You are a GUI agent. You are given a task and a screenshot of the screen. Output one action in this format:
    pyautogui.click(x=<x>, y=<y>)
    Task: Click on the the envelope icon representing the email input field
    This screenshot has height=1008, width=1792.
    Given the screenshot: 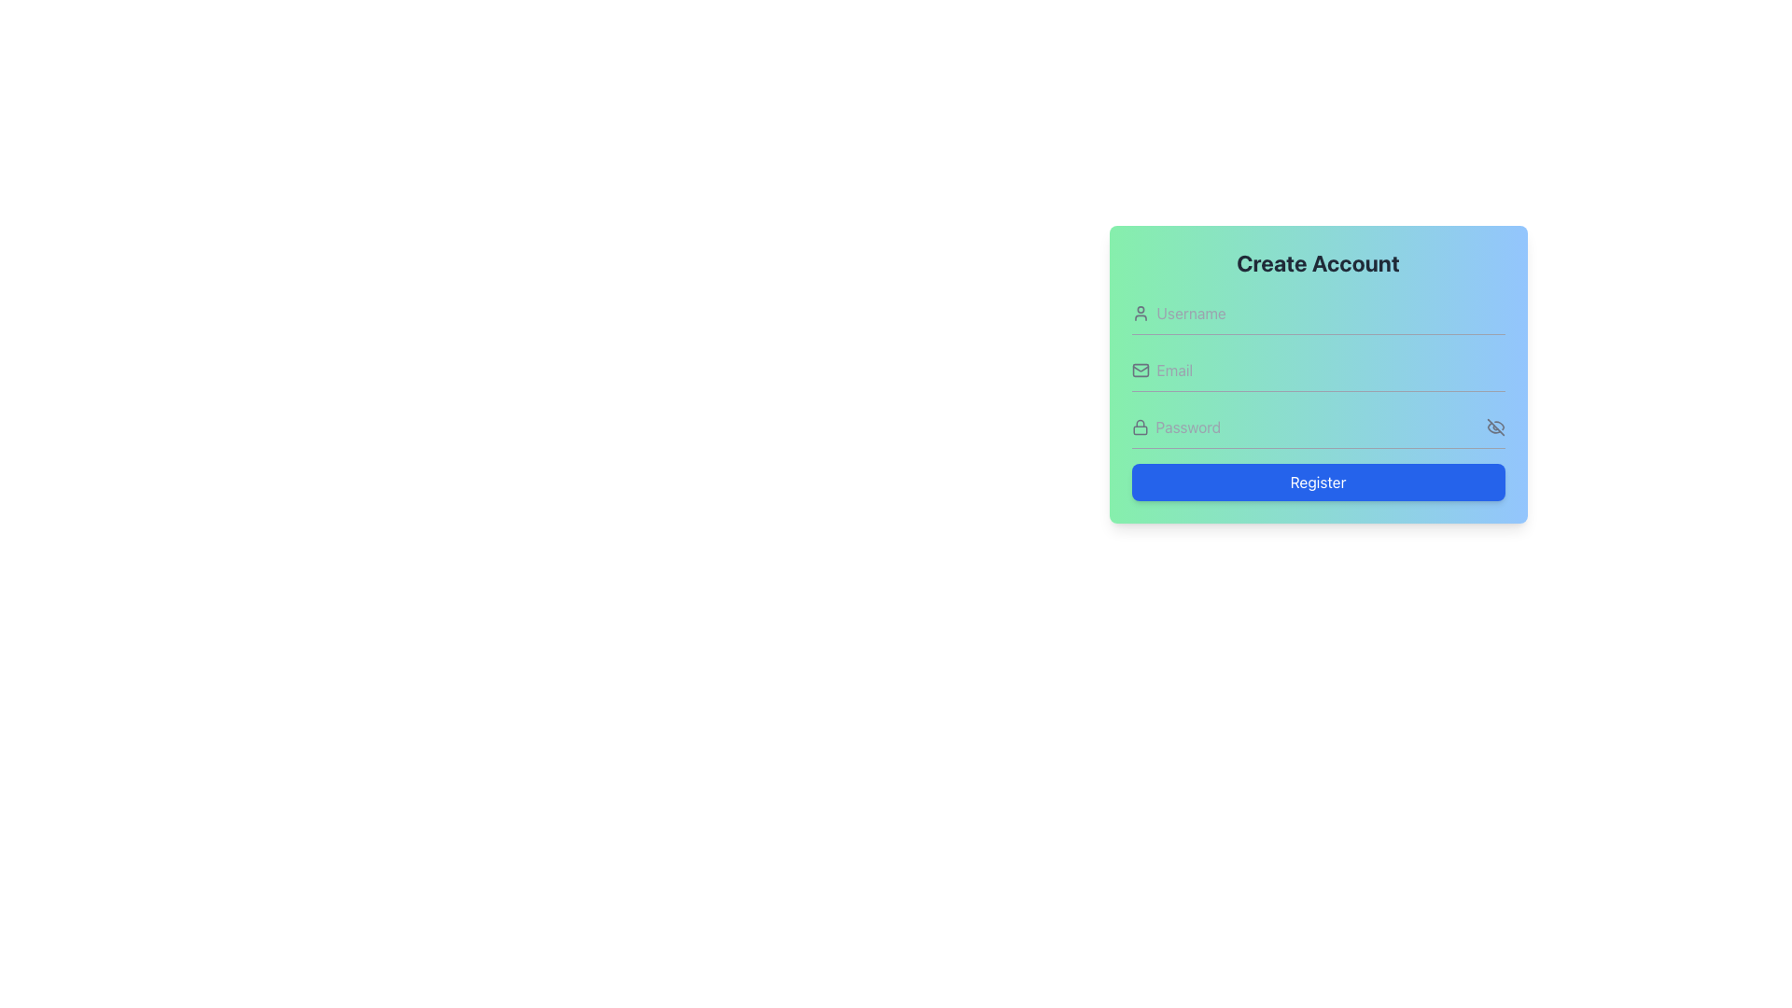 What is the action you would take?
    pyautogui.click(x=1140, y=371)
    